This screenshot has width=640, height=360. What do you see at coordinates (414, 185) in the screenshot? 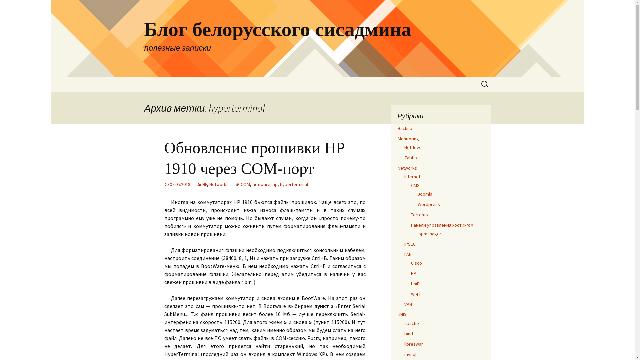
I see `'CMS'` at bounding box center [414, 185].